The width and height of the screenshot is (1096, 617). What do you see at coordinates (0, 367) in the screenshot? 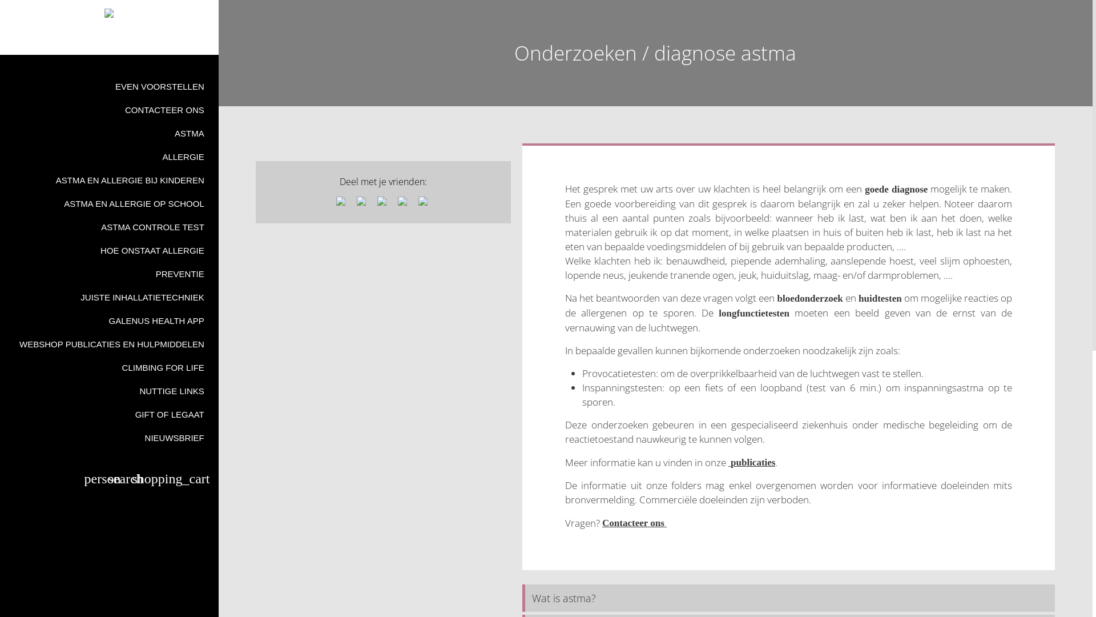
I see `'CLIMBING FOR LIFE'` at bounding box center [0, 367].